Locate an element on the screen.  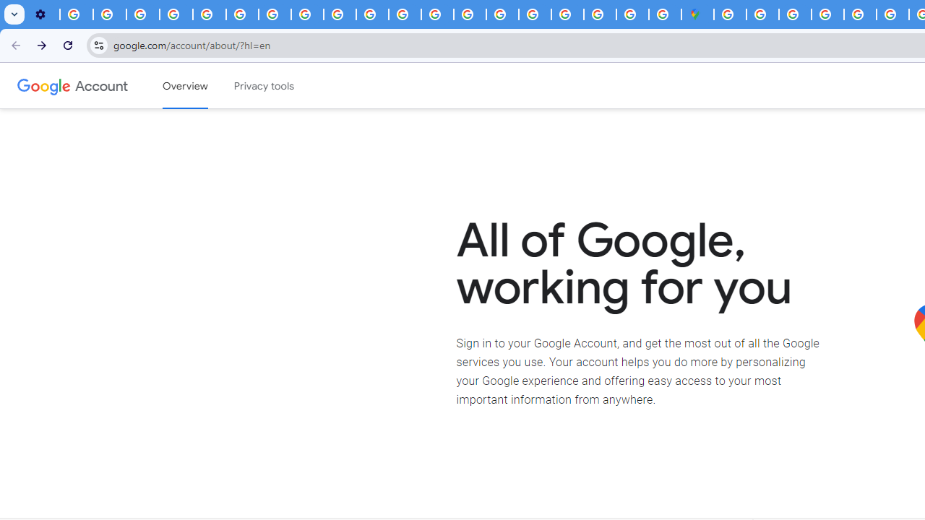
'Google Account overview' is located at coordinates (184, 86).